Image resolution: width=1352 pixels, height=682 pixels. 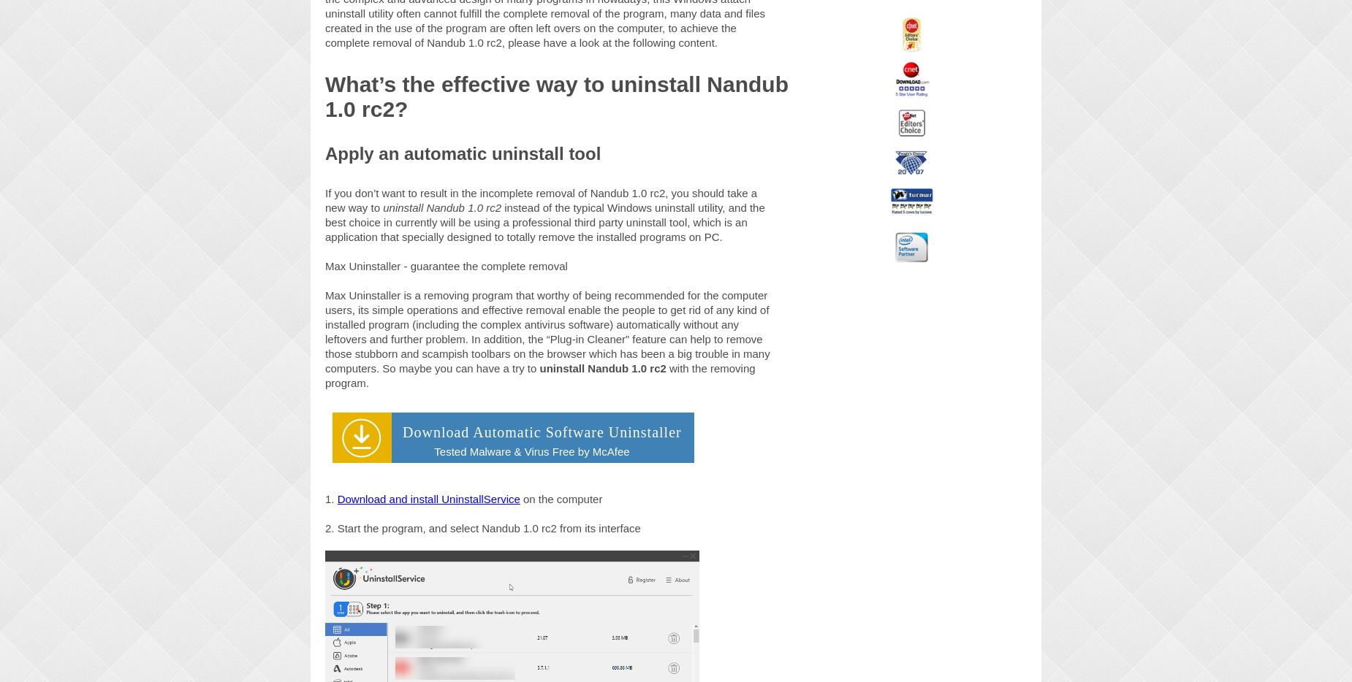 What do you see at coordinates (542, 431) in the screenshot?
I see `'Download Automatic Software Uninstaller'` at bounding box center [542, 431].